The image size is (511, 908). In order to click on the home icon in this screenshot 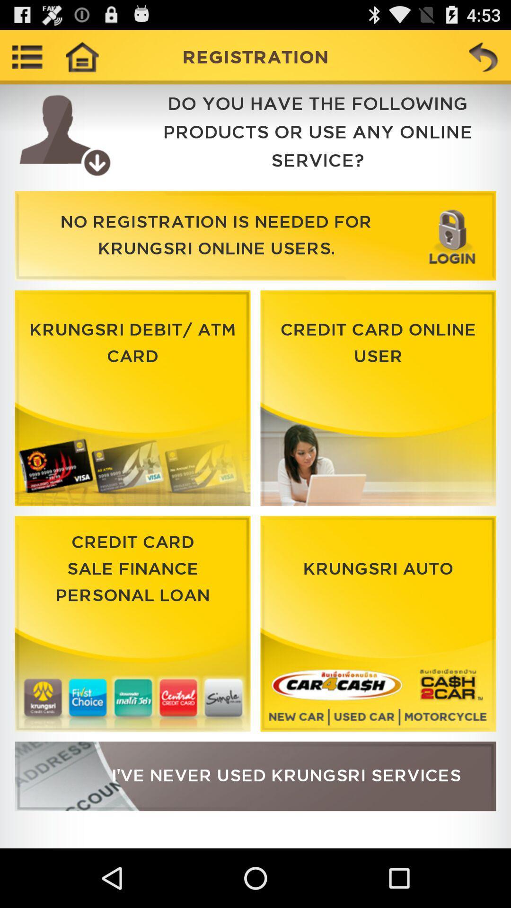, I will do `click(81, 61)`.